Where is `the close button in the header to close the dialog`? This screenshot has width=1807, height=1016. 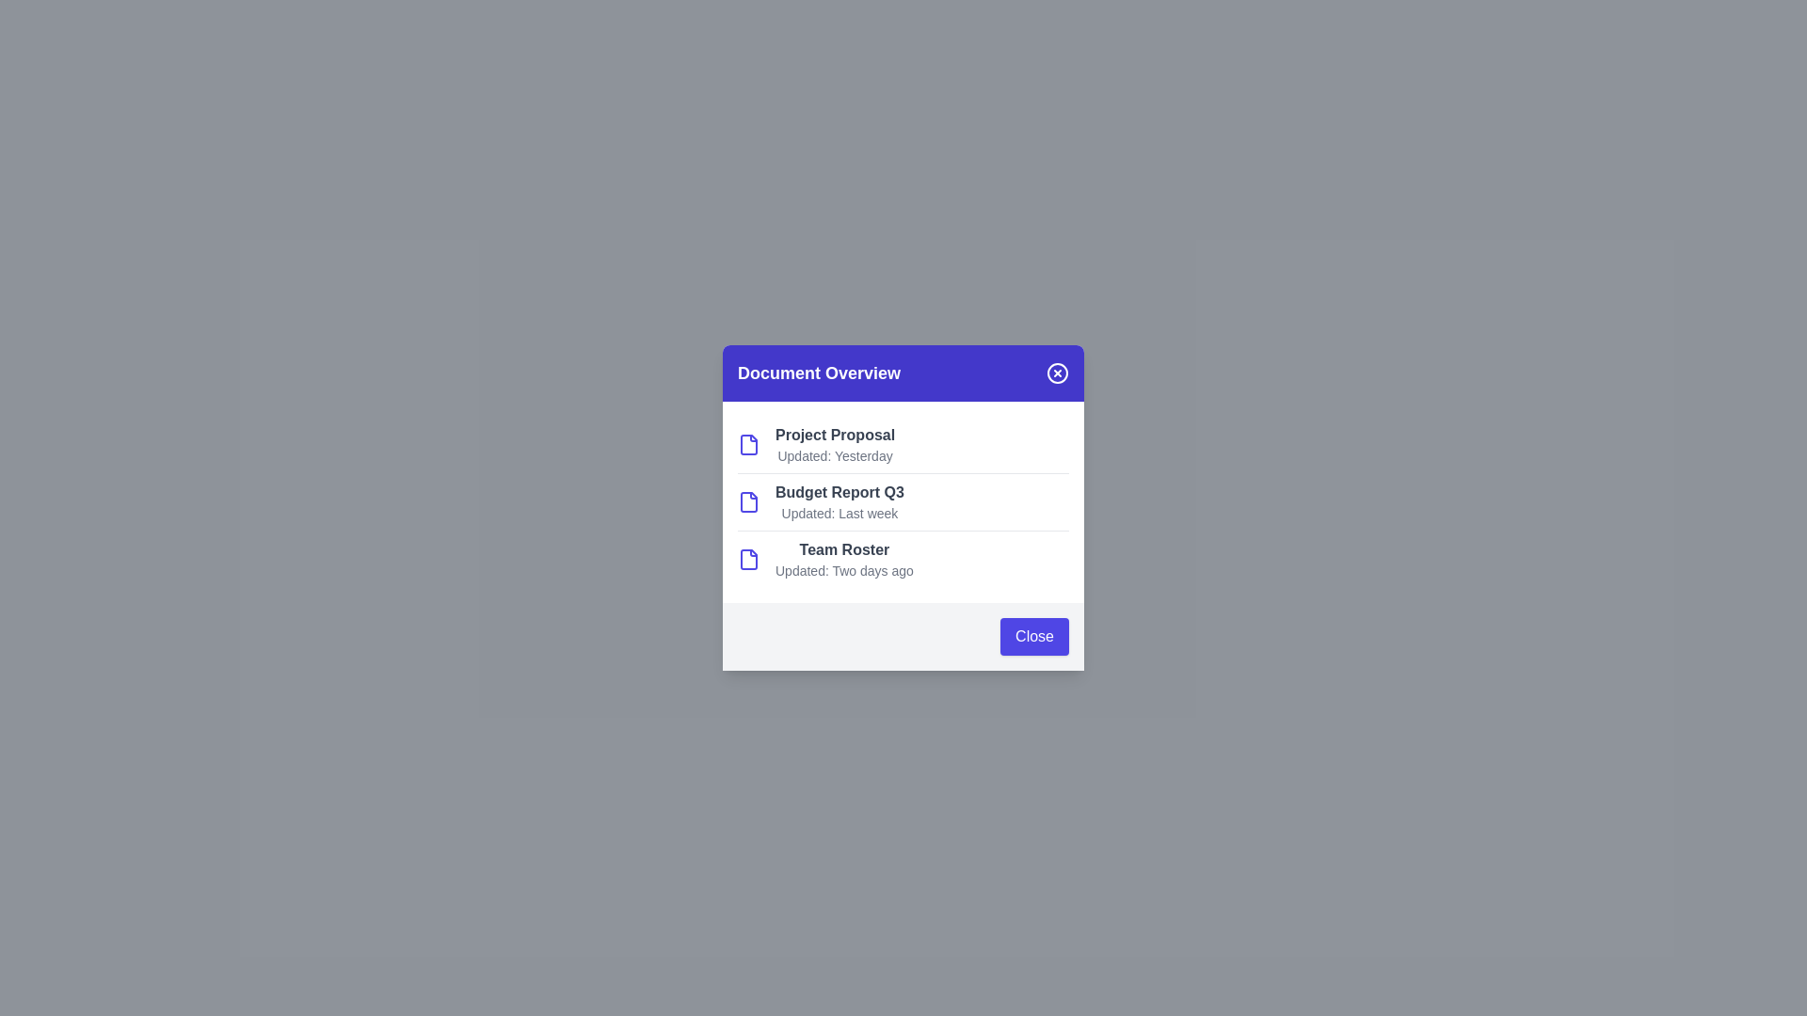 the close button in the header to close the dialog is located at coordinates (1057, 373).